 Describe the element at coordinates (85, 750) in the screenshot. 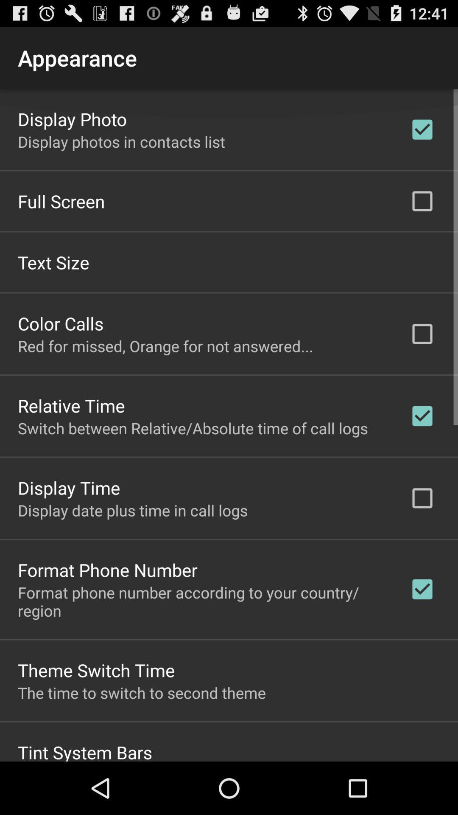

I see `tint system bars` at that location.